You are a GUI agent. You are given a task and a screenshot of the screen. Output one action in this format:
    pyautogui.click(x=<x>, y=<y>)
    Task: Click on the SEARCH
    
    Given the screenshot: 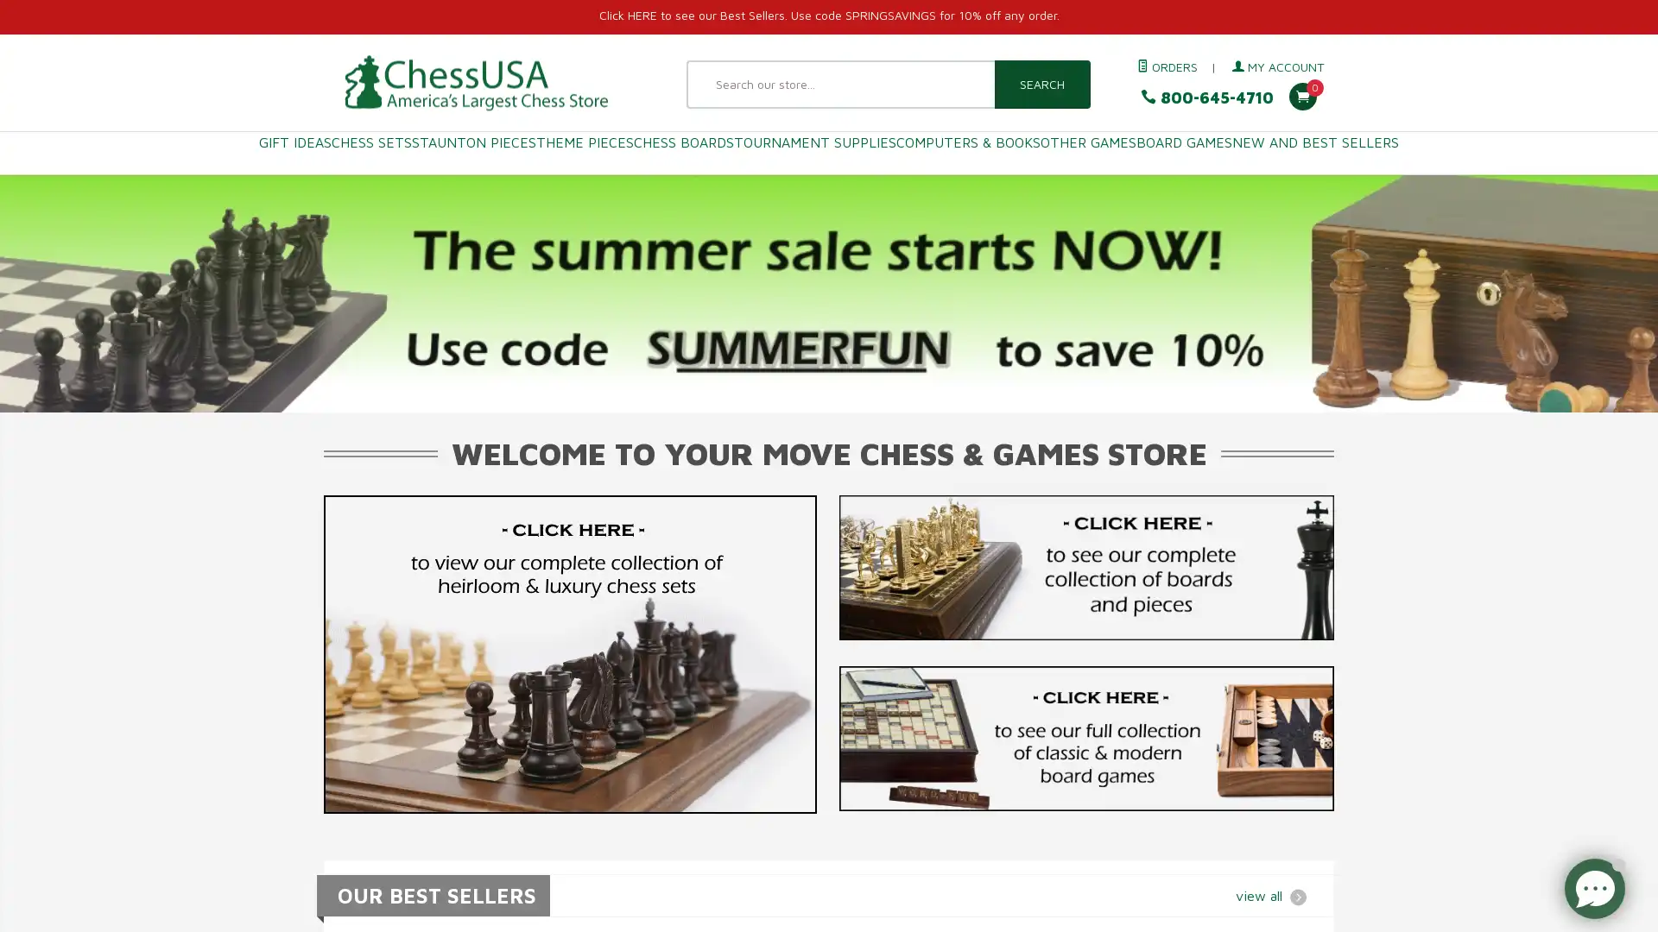 What is the action you would take?
    pyautogui.click(x=1041, y=84)
    